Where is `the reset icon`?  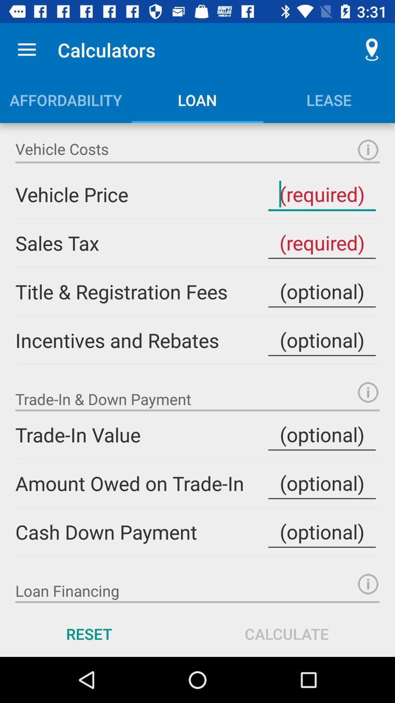
the reset icon is located at coordinates (89, 633).